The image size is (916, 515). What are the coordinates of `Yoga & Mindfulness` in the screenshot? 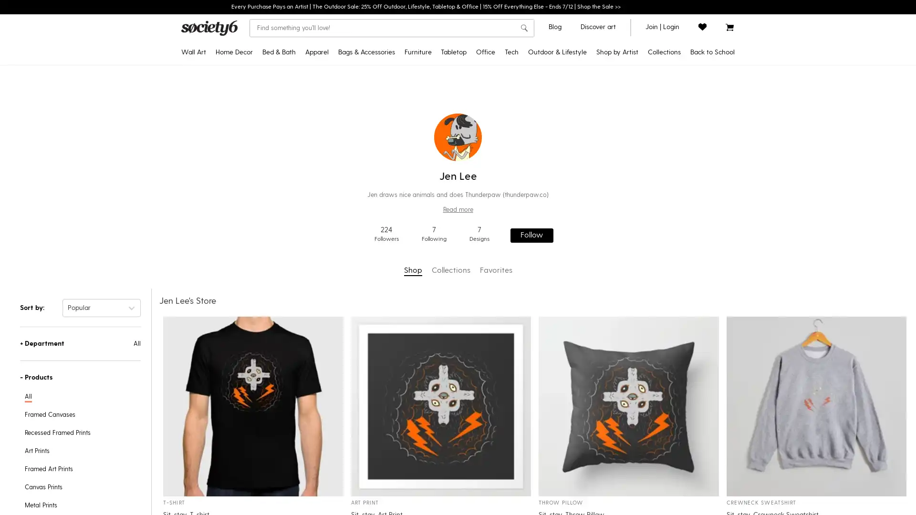 It's located at (629, 215).